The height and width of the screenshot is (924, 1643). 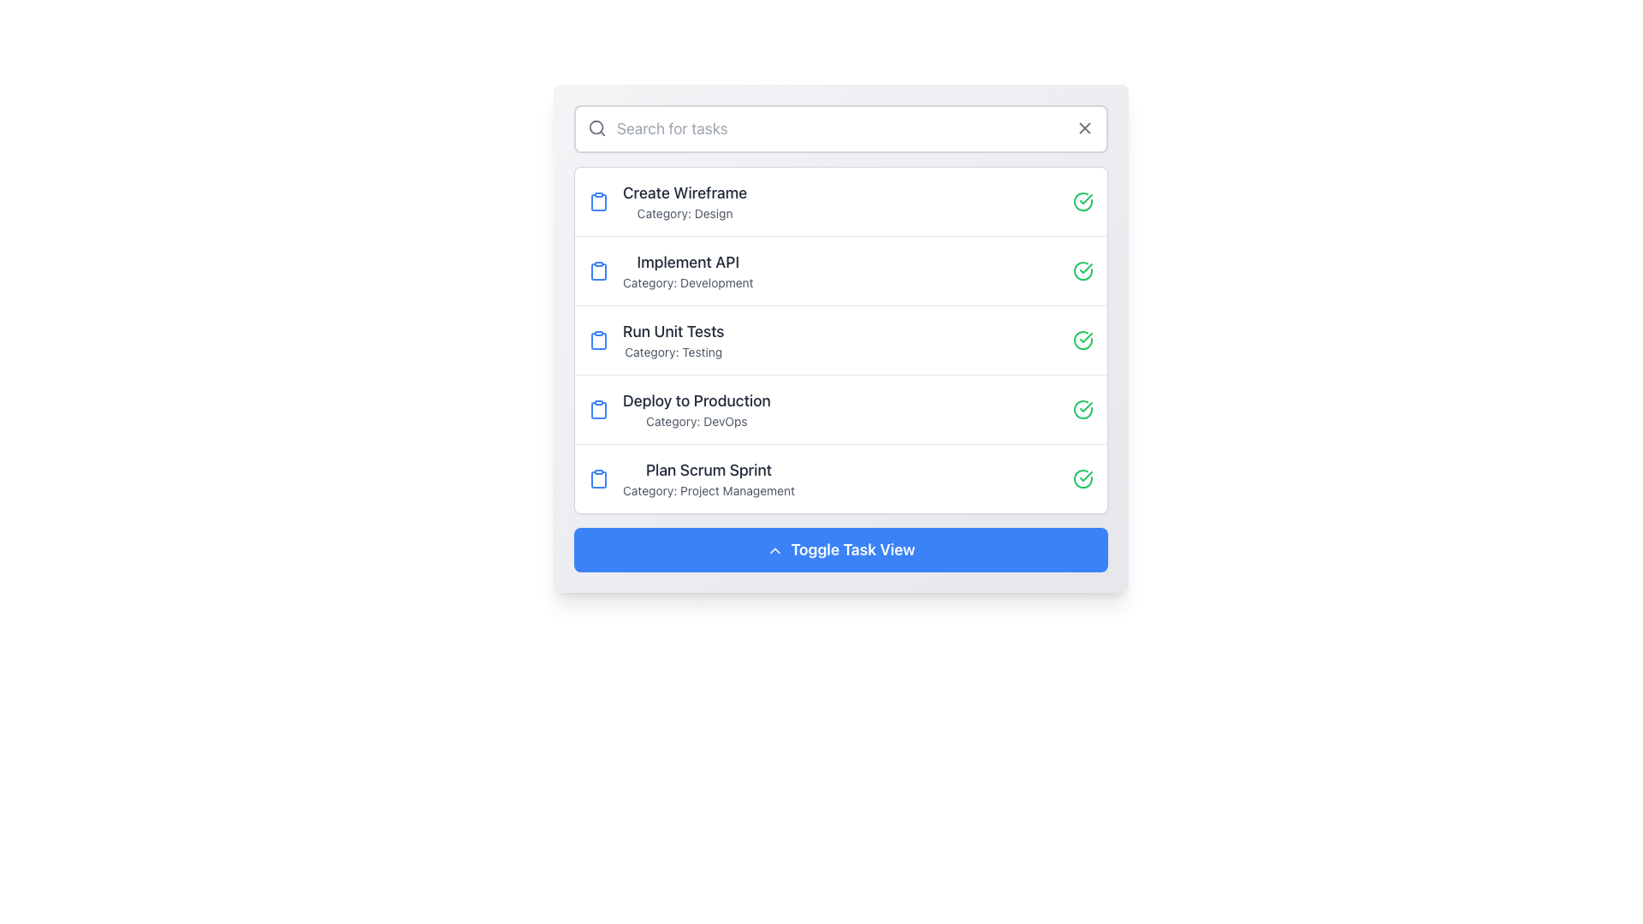 What do you see at coordinates (697, 422) in the screenshot?
I see `the text label indicating the category of the related task, specifically marking it as 'DevOps', which is positioned directly below the 'Deploy to Production' text` at bounding box center [697, 422].